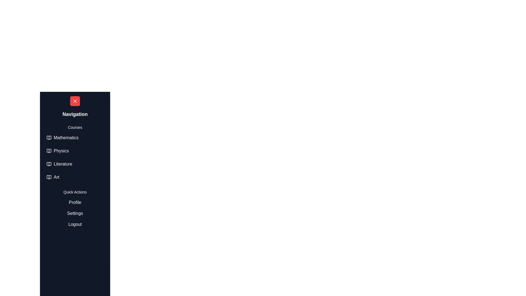  What do you see at coordinates (49, 177) in the screenshot?
I see `the small dark gray open book icon next to the 'Art' label in the vertical navigation menu` at bounding box center [49, 177].